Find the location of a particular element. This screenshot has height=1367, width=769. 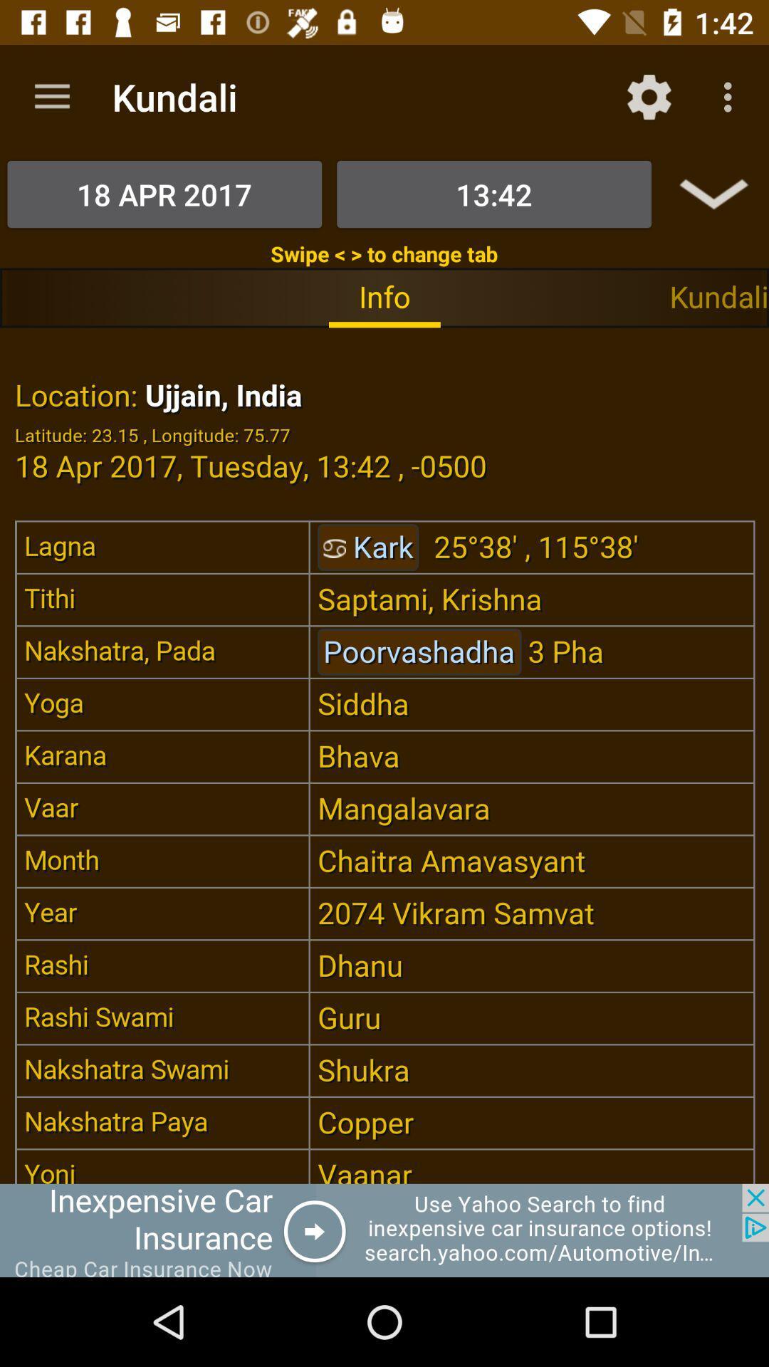

hindu calendar car insurance is located at coordinates (384, 1230).